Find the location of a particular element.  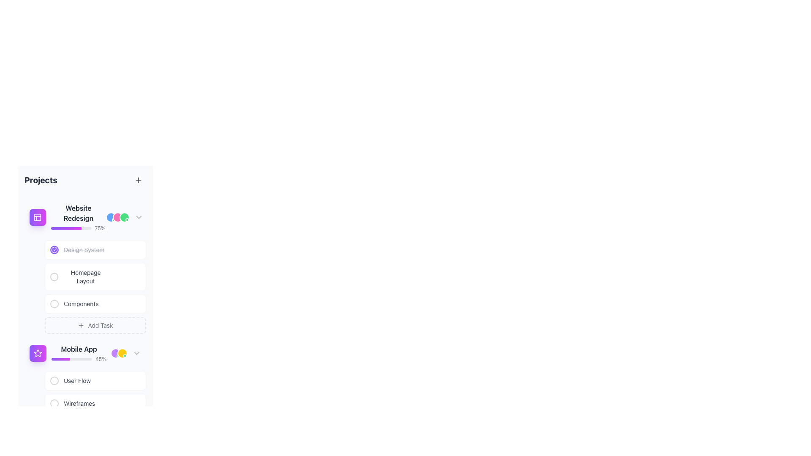

the rounded rectangle icon located in the upper-left corner of the 'Website Redesign' text in the project listing is located at coordinates (37, 217).